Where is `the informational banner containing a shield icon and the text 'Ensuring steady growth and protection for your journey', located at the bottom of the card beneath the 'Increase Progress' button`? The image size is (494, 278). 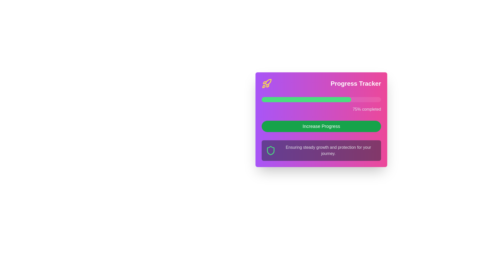
the informational banner containing a shield icon and the text 'Ensuring steady growth and protection for your journey', located at the bottom of the card beneath the 'Increase Progress' button is located at coordinates (321, 151).